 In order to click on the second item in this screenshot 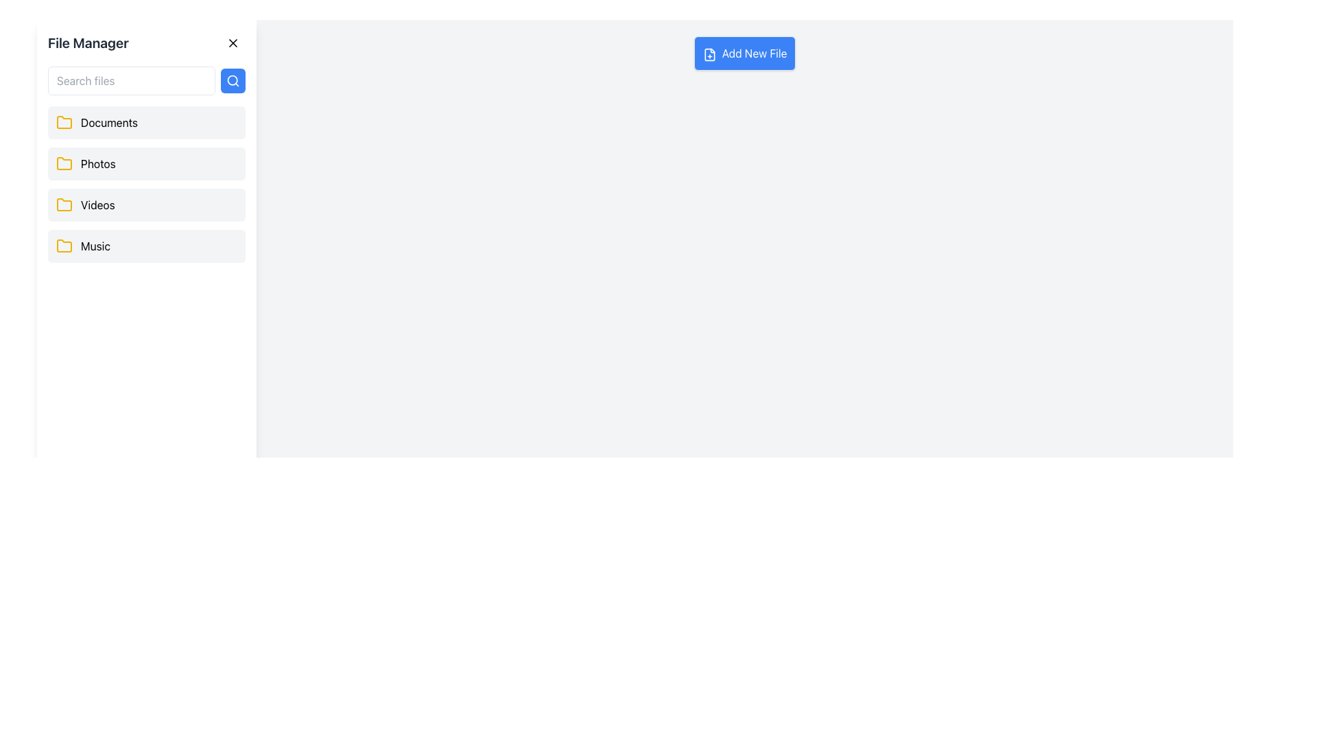, I will do `click(147, 184)`.